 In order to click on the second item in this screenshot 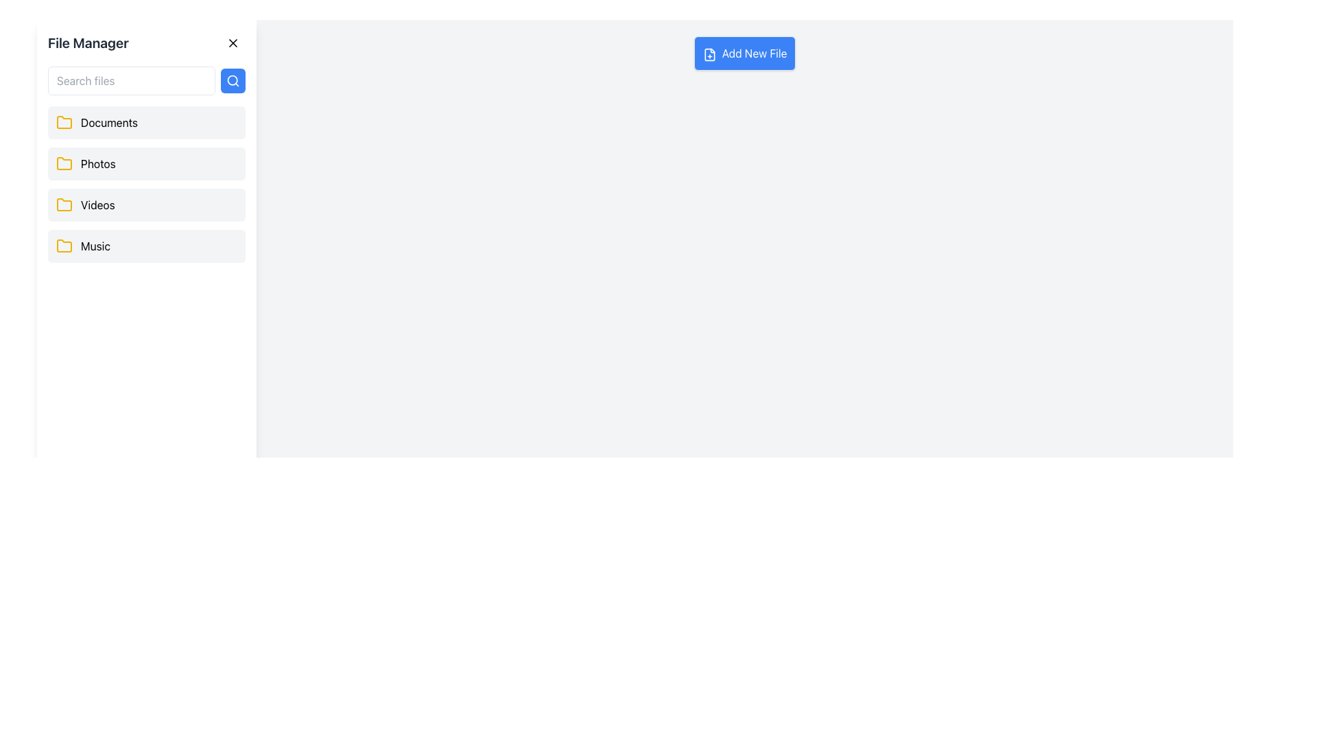, I will do `click(147, 184)`.